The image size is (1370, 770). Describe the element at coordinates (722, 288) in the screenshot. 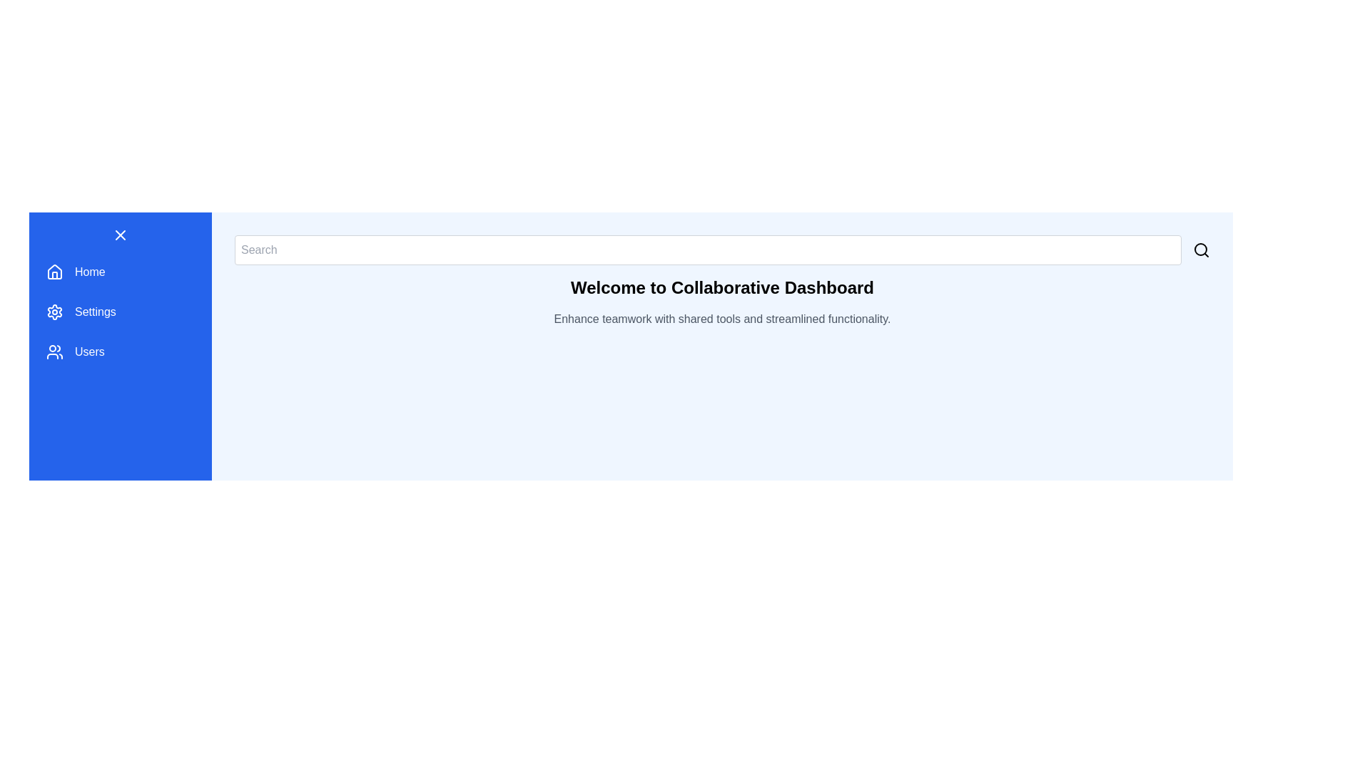

I see `the main content text area to interact` at that location.